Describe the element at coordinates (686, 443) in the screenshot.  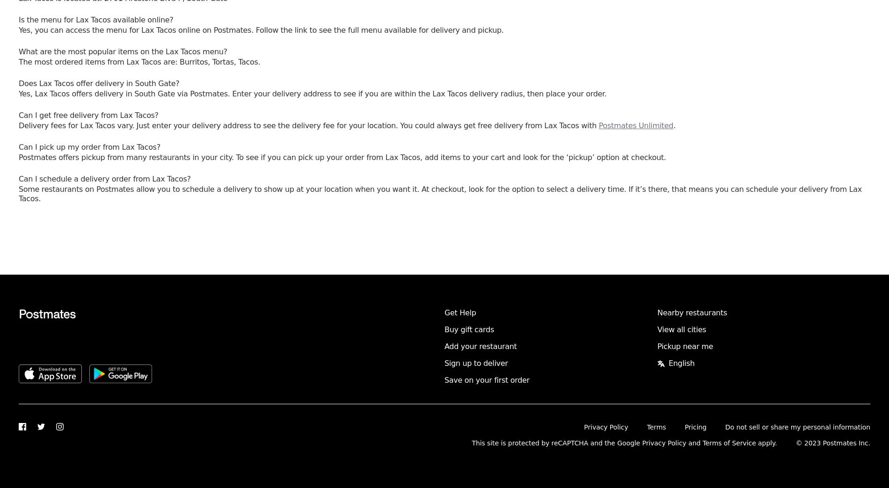
I see `'and'` at that location.